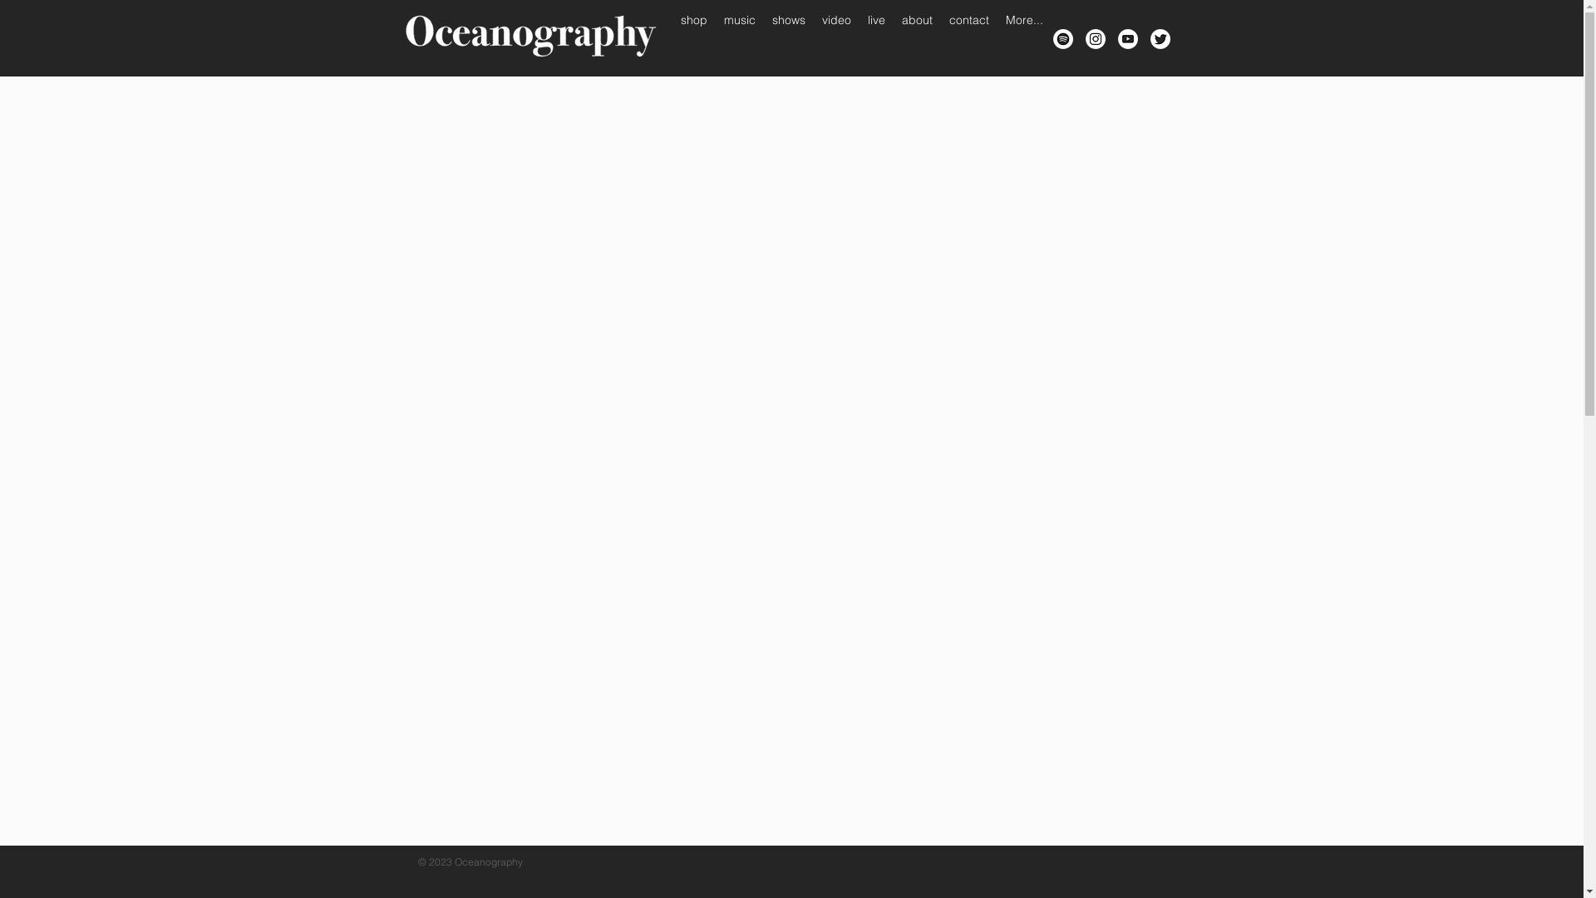  What do you see at coordinates (875, 37) in the screenshot?
I see `'live'` at bounding box center [875, 37].